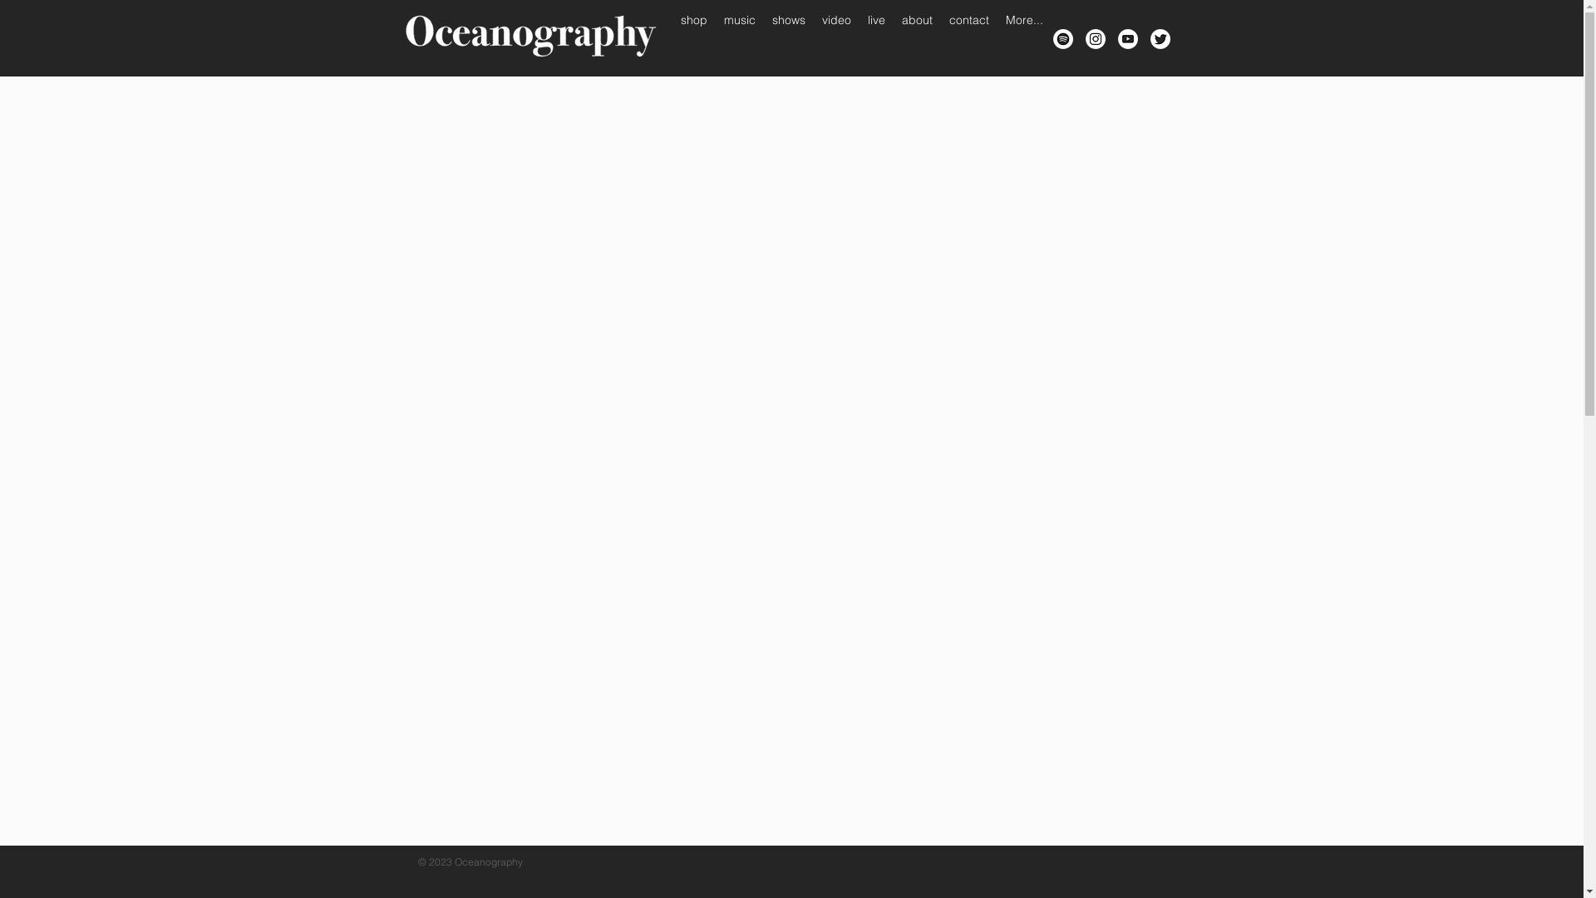  What do you see at coordinates (875, 37) in the screenshot?
I see `'live'` at bounding box center [875, 37].